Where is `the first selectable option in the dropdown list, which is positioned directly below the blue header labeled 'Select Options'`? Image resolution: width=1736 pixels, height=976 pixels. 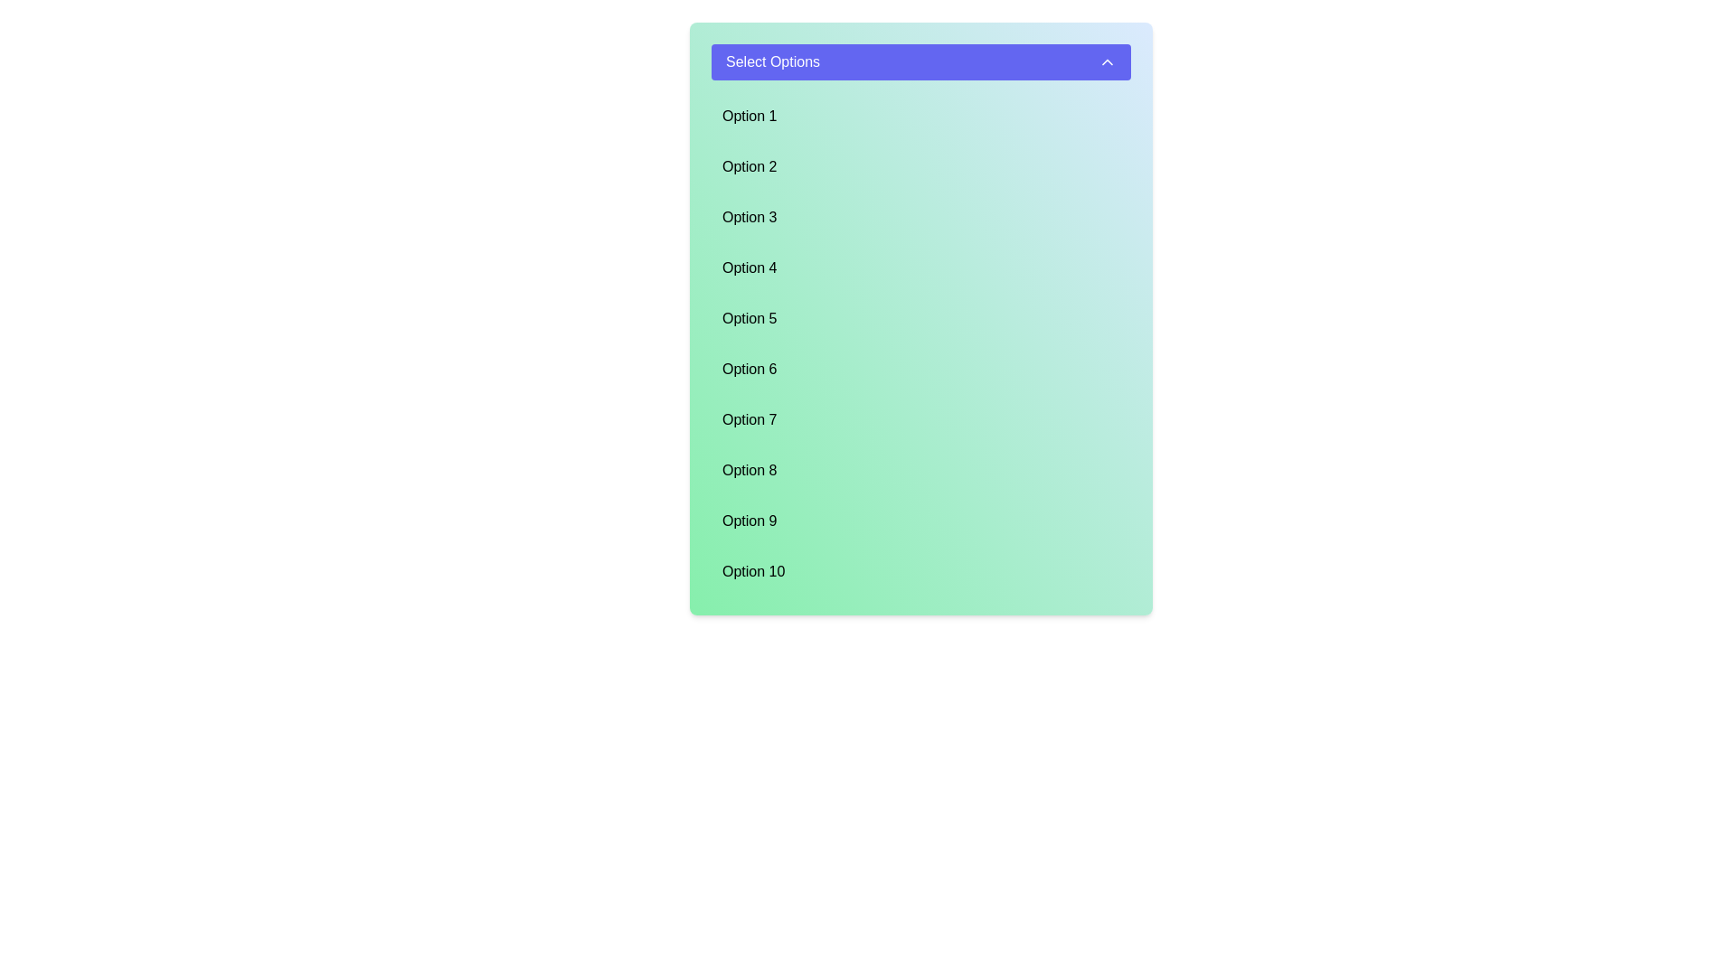
the first selectable option in the dropdown list, which is positioned directly below the blue header labeled 'Select Options' is located at coordinates (750, 116).